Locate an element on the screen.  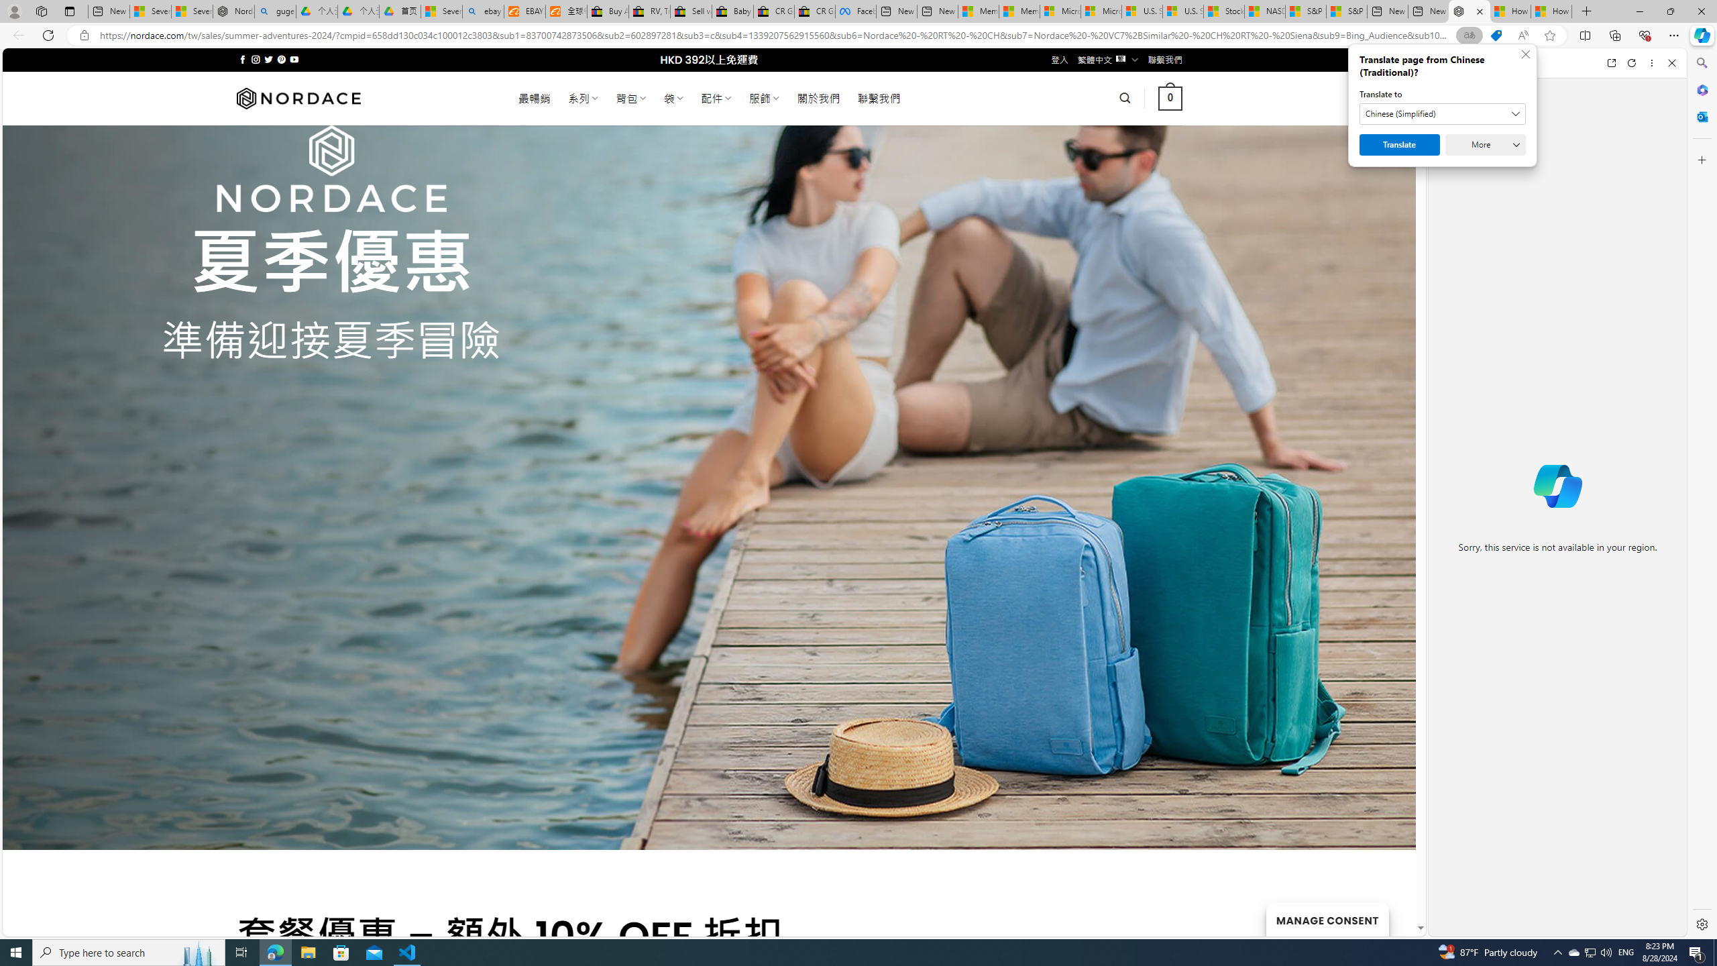
'More' is located at coordinates (1485, 144).